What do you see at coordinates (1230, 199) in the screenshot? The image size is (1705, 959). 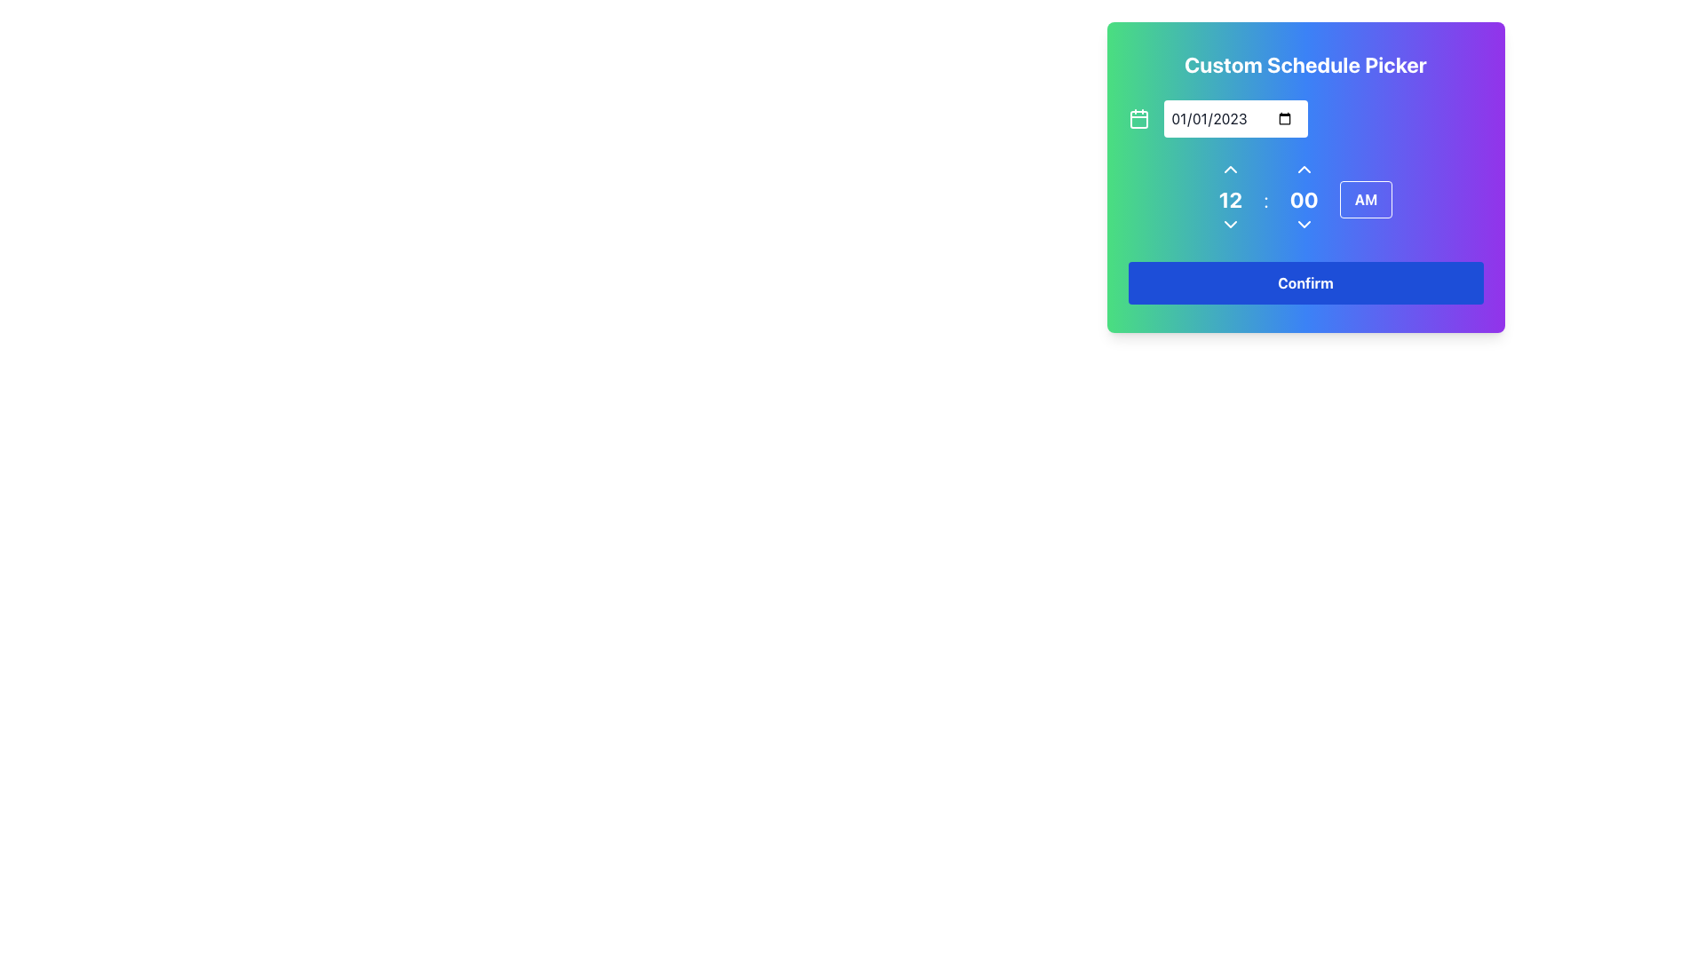 I see `the Text Display element that shows the hour value in the 'Custom Schedule Picker', located in the center-right area and above the colon separating it from the minute representation` at bounding box center [1230, 199].